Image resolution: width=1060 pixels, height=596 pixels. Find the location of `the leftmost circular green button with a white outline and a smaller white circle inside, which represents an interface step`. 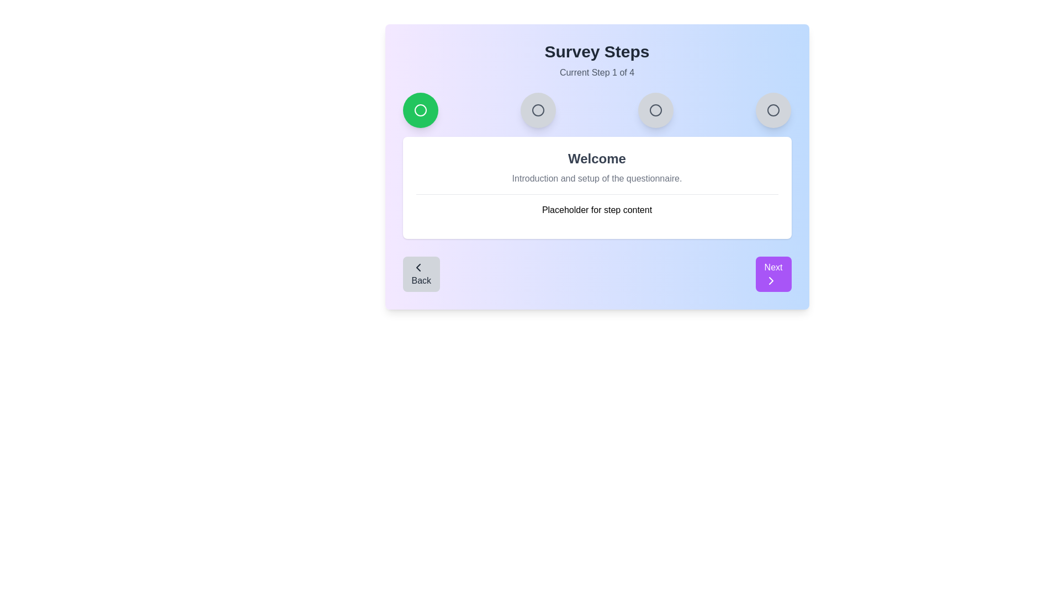

the leftmost circular green button with a white outline and a smaller white circle inside, which represents an interface step is located at coordinates (420, 110).